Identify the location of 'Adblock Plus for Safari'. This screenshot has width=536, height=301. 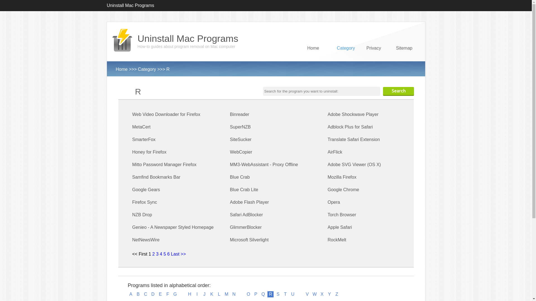
(350, 127).